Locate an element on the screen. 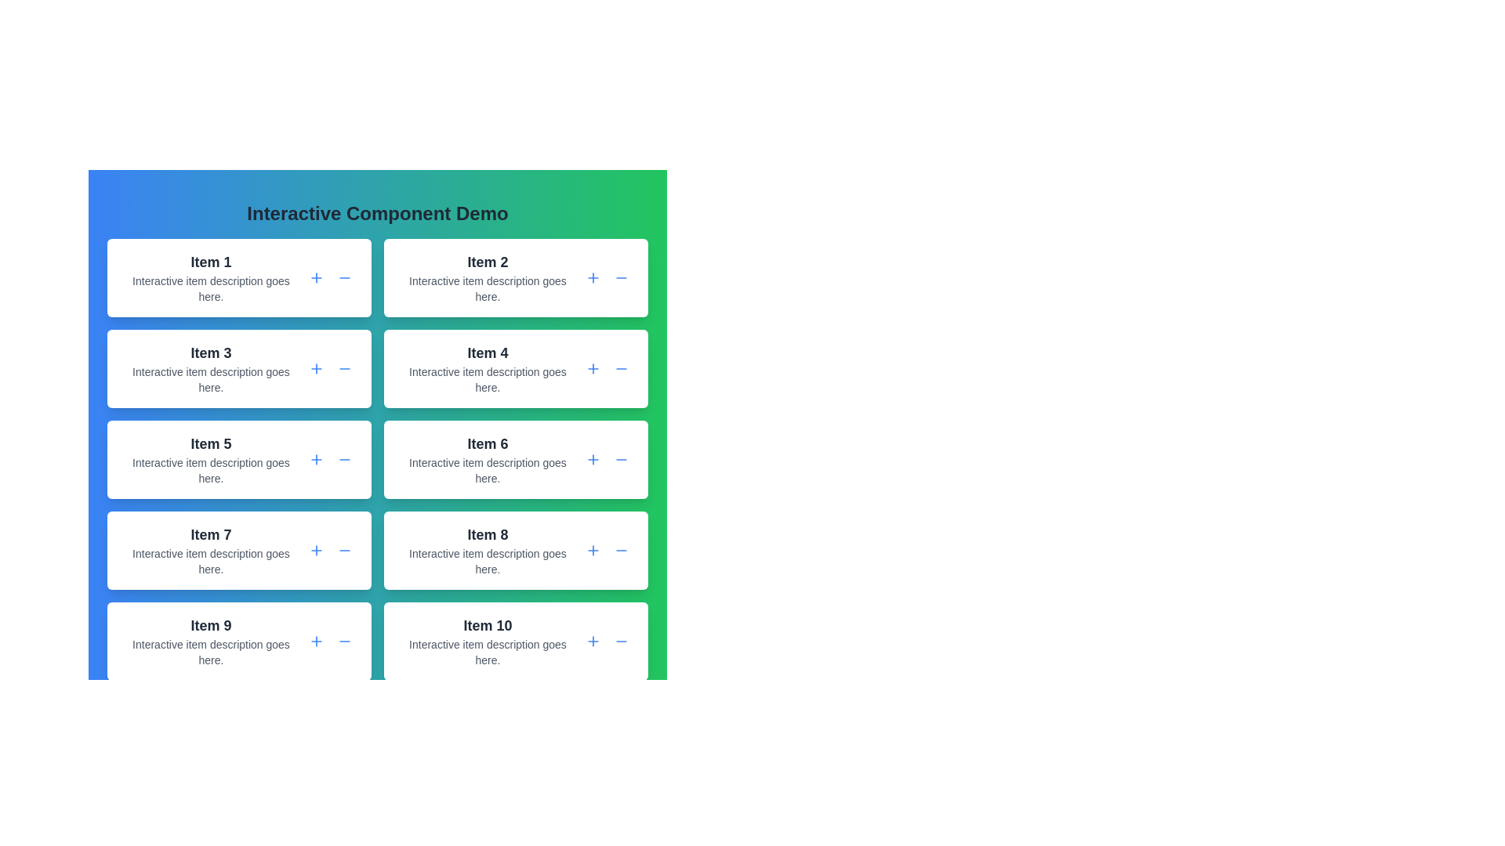  text on the Card component located at the bottom left corner of the grid layout, specifically the ninth item in the list is located at coordinates (210, 641).